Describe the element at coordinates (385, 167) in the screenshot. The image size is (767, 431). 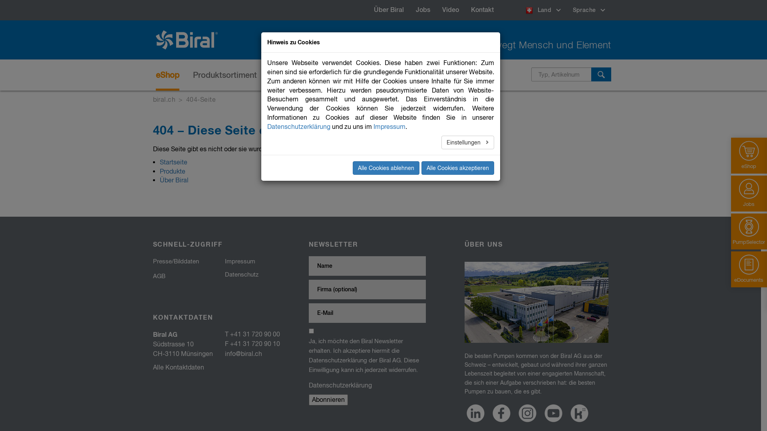
I see `'Alle Cookies ablehnen'` at that location.